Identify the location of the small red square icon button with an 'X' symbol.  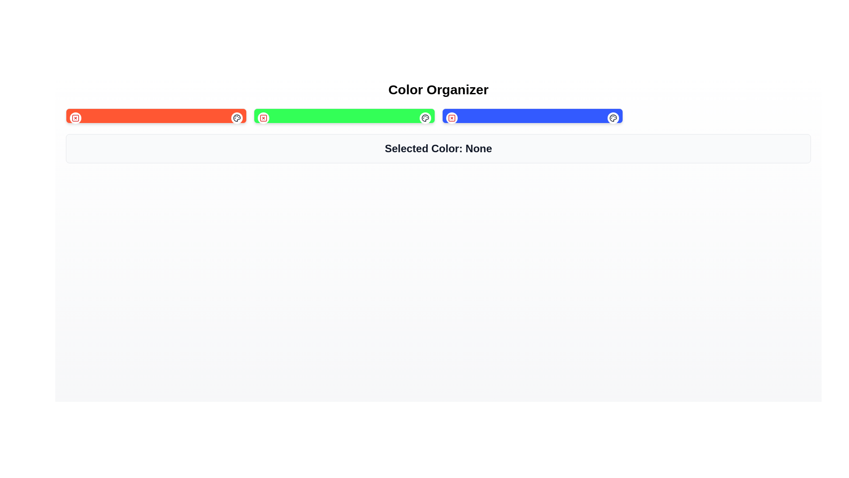
(76, 117).